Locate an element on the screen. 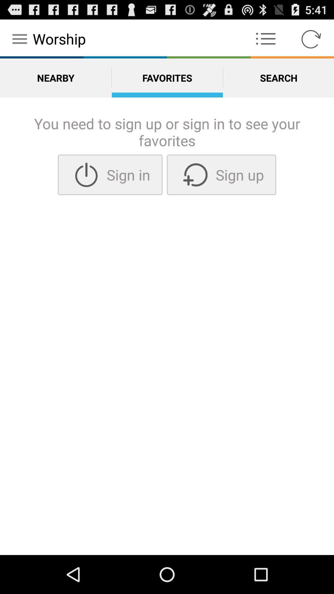  the button next to sign in is located at coordinates (221, 174).